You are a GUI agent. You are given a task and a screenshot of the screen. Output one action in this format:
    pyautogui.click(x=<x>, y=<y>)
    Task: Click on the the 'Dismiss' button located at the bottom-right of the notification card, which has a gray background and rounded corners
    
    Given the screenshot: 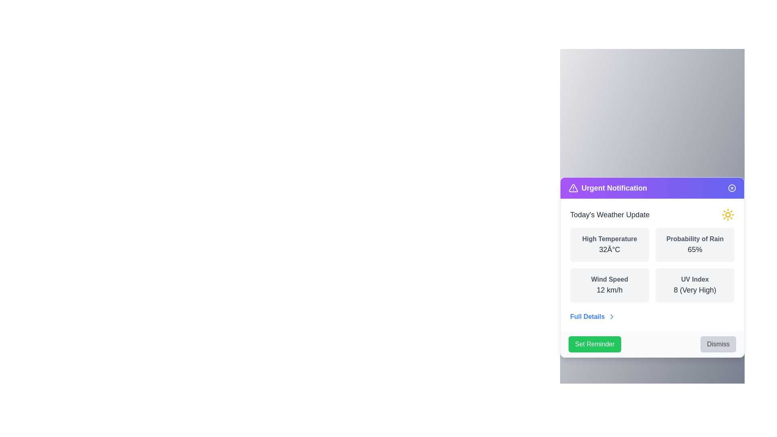 What is the action you would take?
    pyautogui.click(x=718, y=344)
    